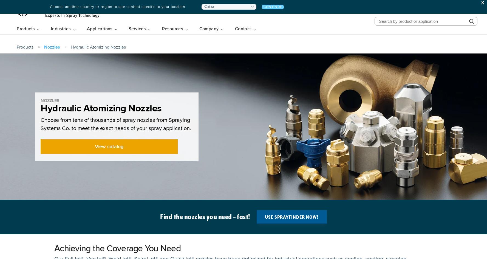  What do you see at coordinates (208, 32) in the screenshot?
I see `'Company'` at bounding box center [208, 32].